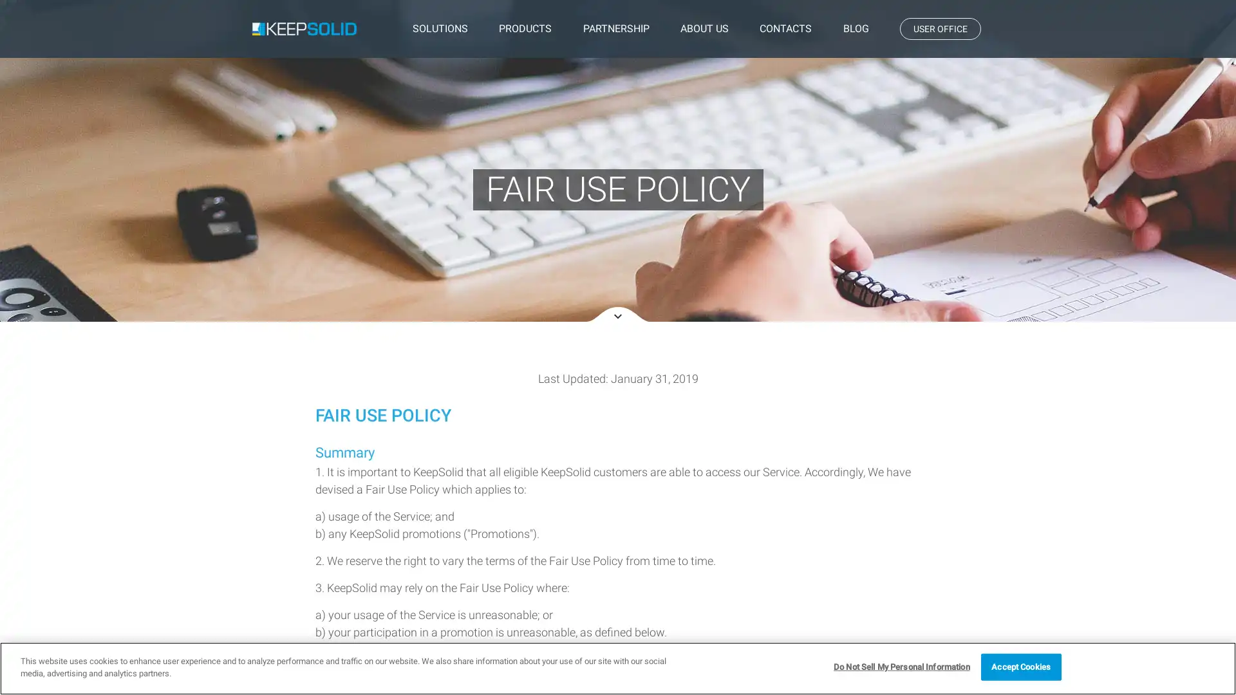 This screenshot has height=695, width=1236. What do you see at coordinates (1020, 666) in the screenshot?
I see `Accept Cookies` at bounding box center [1020, 666].